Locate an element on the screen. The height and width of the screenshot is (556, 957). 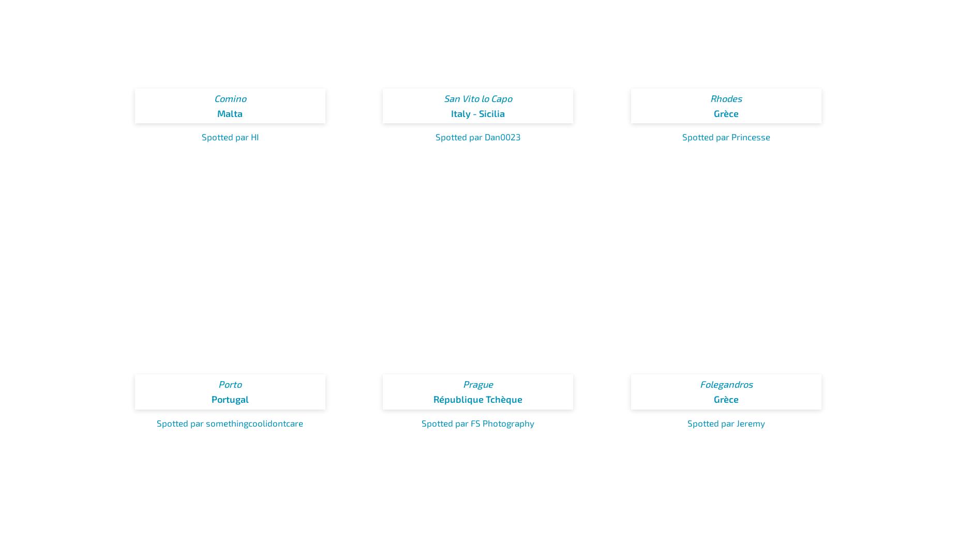
'Rhodes' is located at coordinates (726, 98).